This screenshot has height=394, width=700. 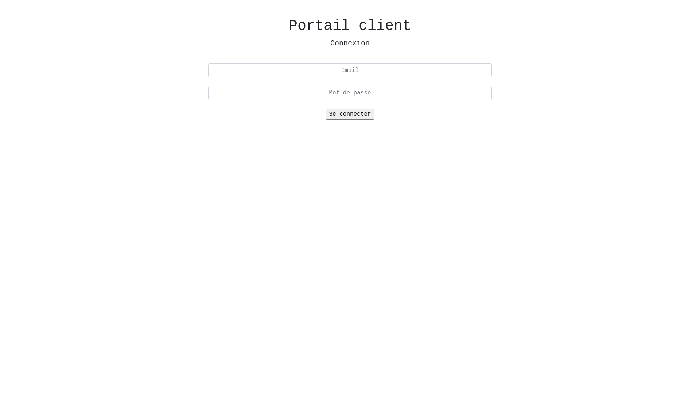 What do you see at coordinates (349, 114) in the screenshot?
I see `'Se connecter'` at bounding box center [349, 114].